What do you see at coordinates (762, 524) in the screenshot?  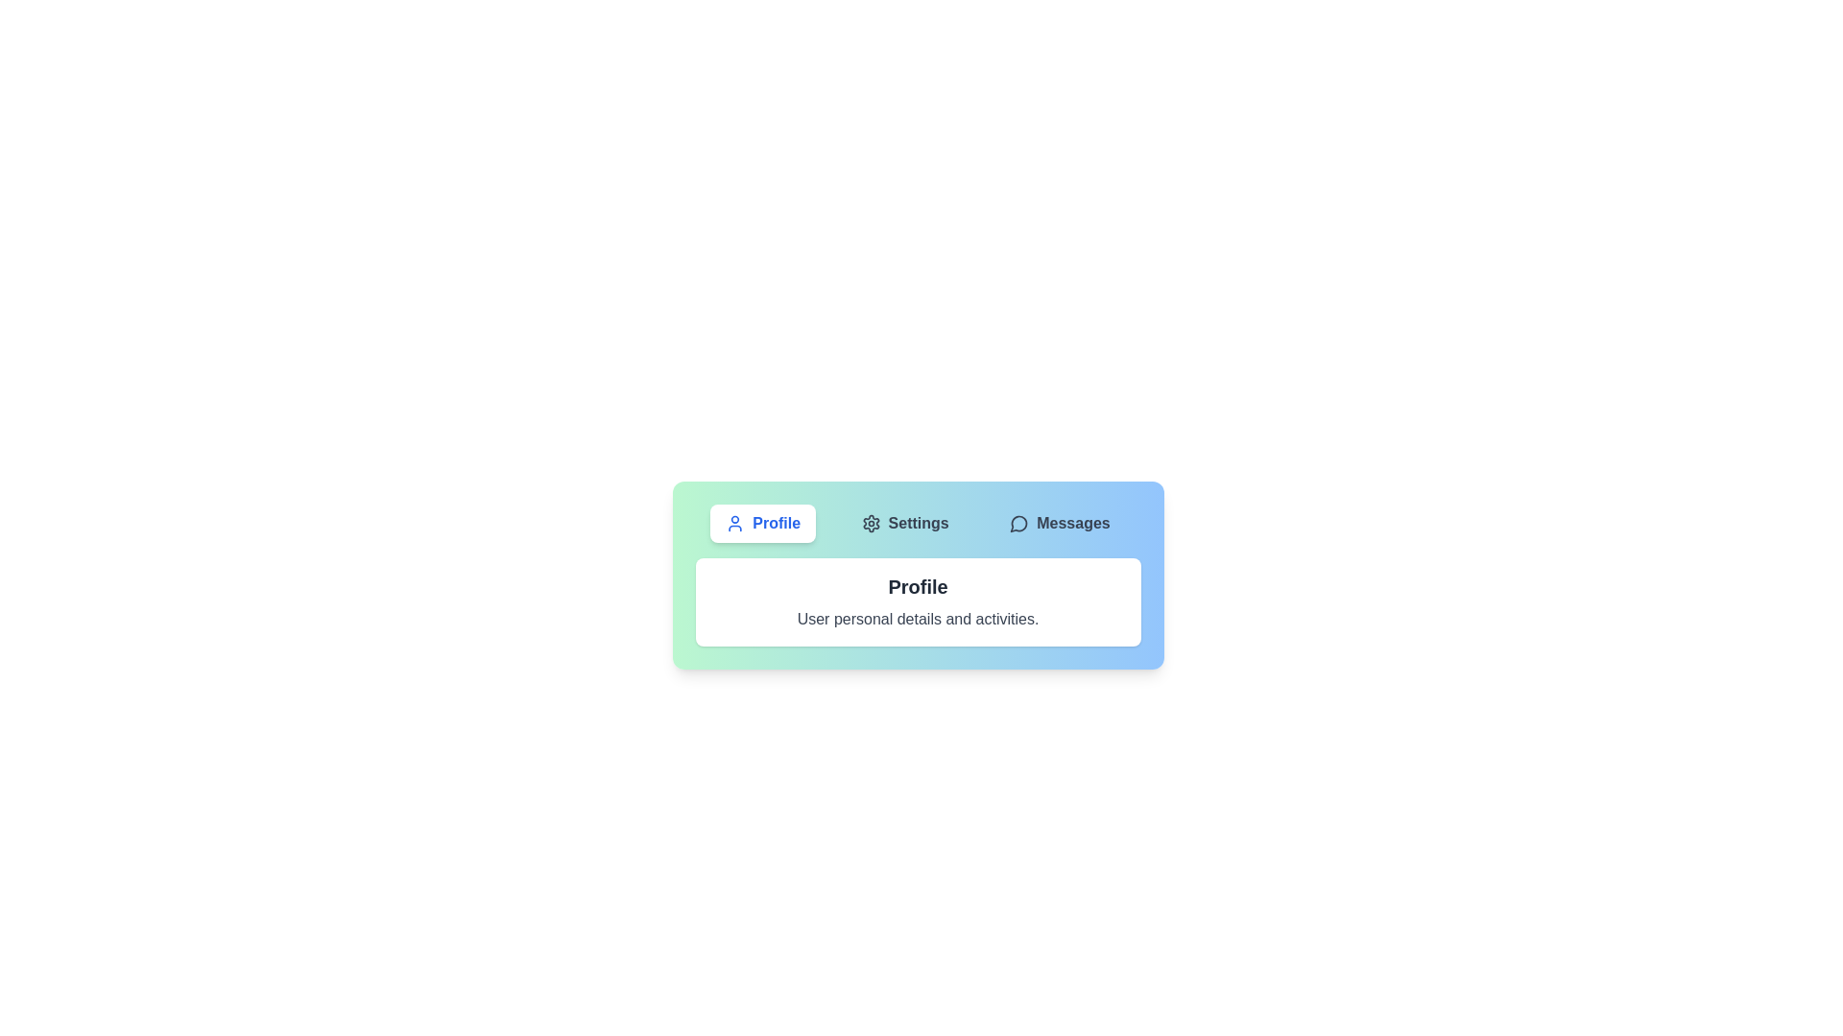 I see `the Profile tab by clicking on its button` at bounding box center [762, 524].